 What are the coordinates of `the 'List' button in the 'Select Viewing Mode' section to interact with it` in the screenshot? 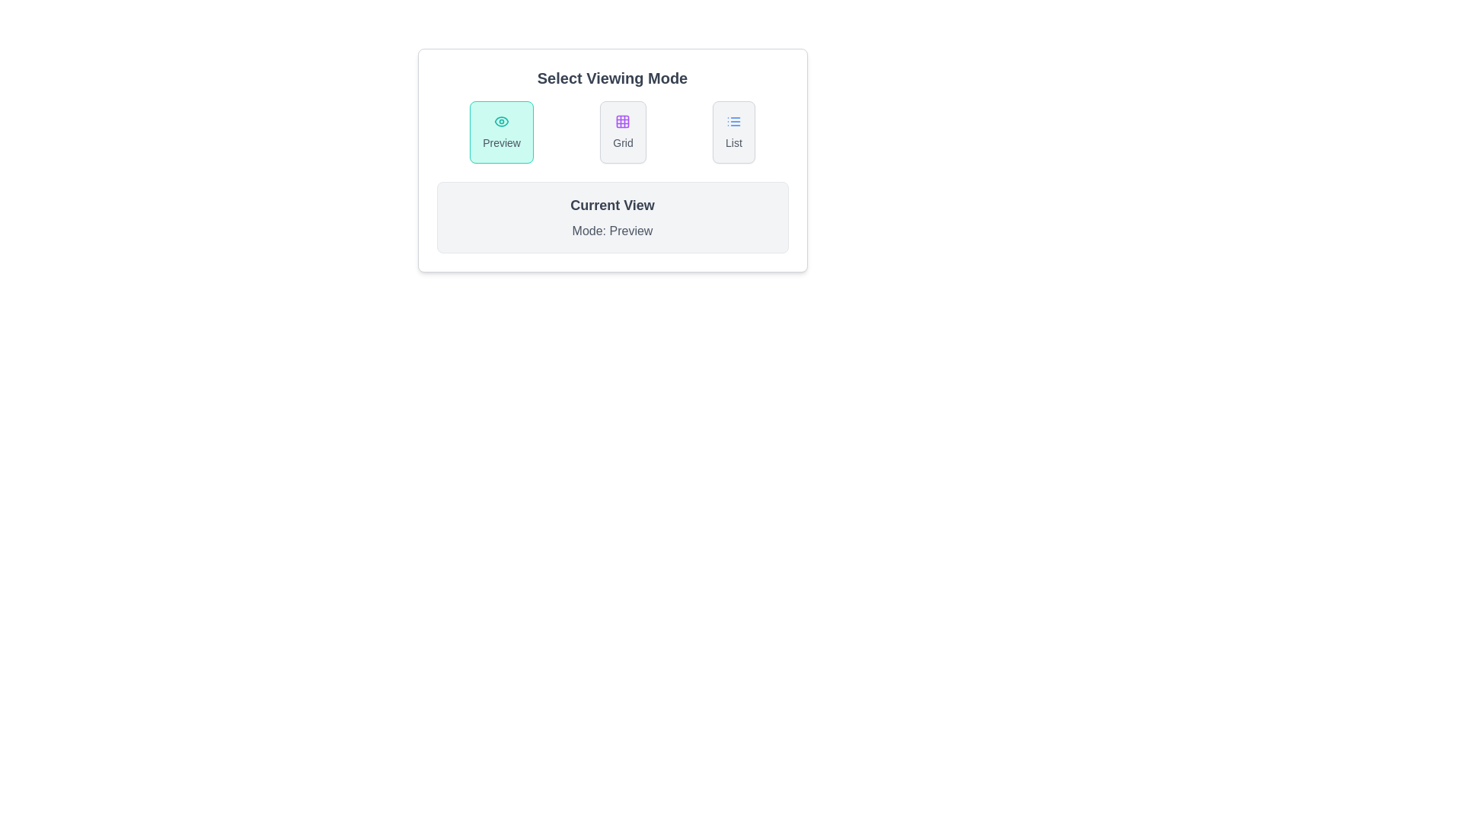 It's located at (733, 131).